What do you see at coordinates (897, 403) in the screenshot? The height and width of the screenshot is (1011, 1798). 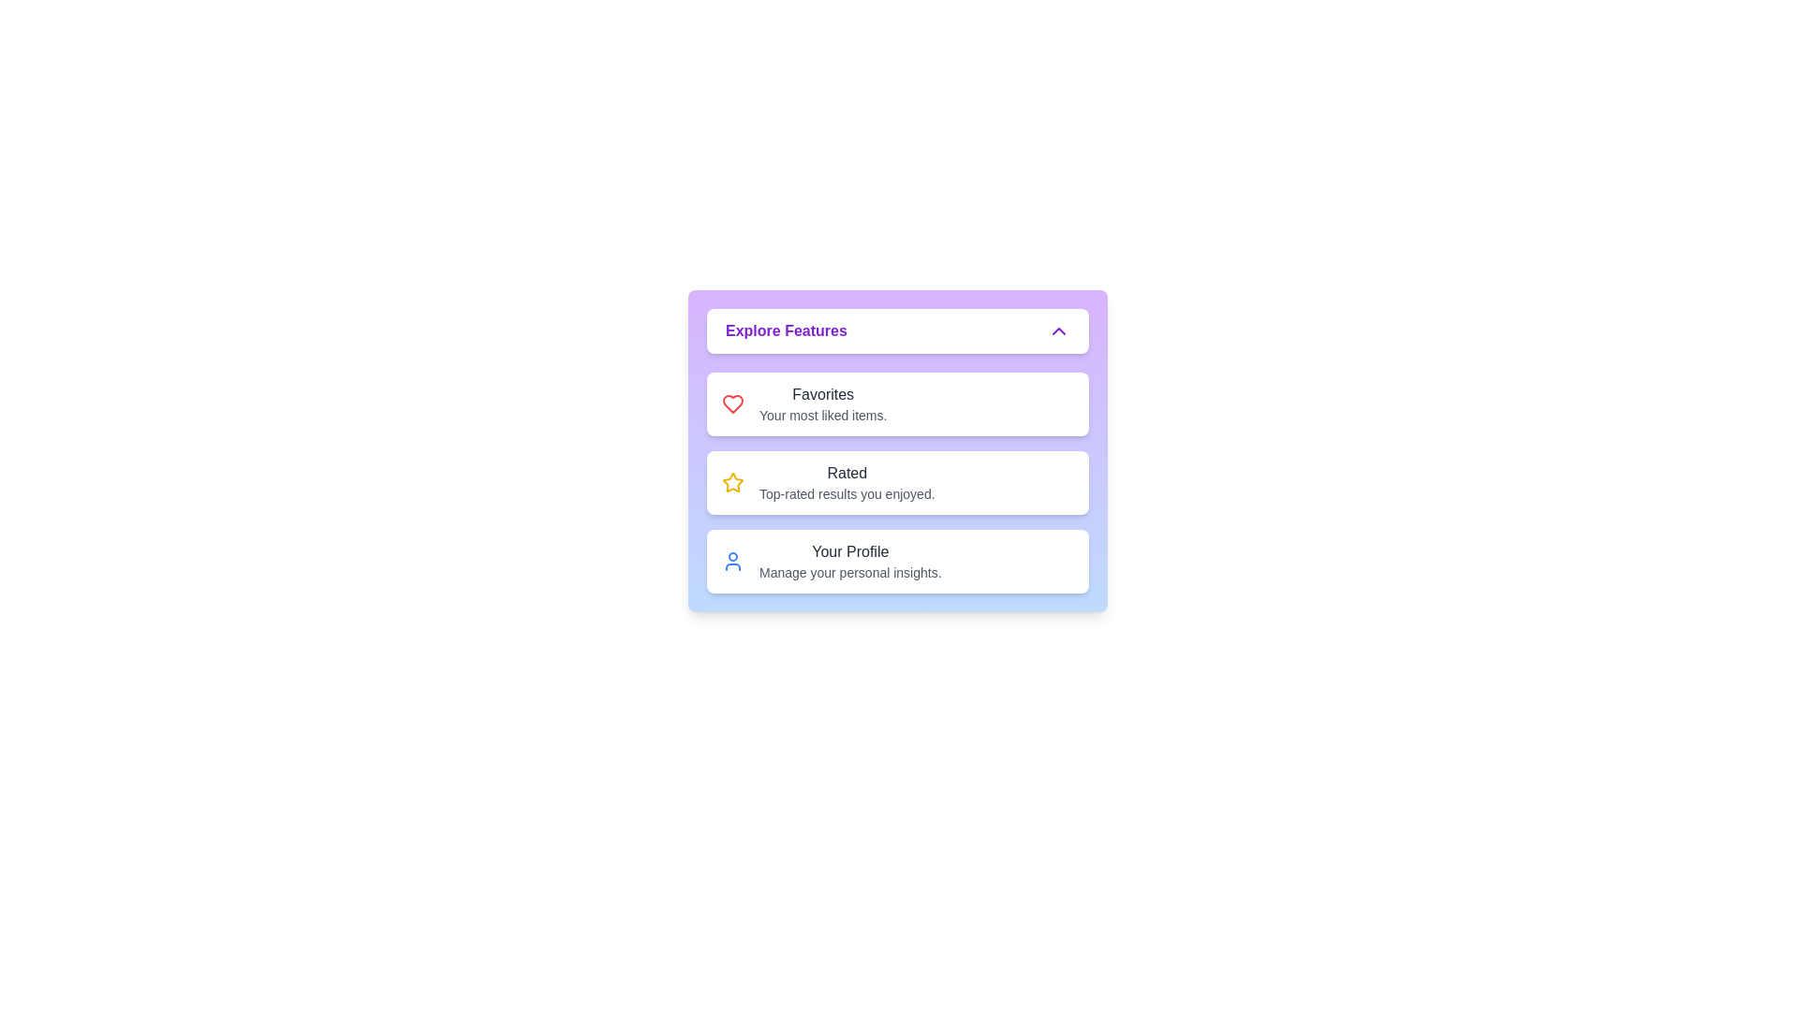 I see `the navigation button for displaying hover effects, which directs users to their most liked items within the application` at bounding box center [897, 403].